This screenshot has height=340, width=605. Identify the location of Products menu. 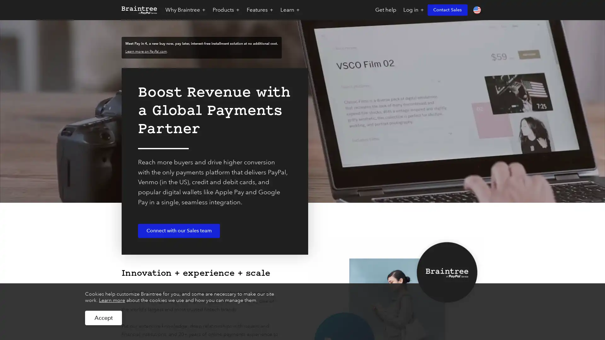
(226, 10).